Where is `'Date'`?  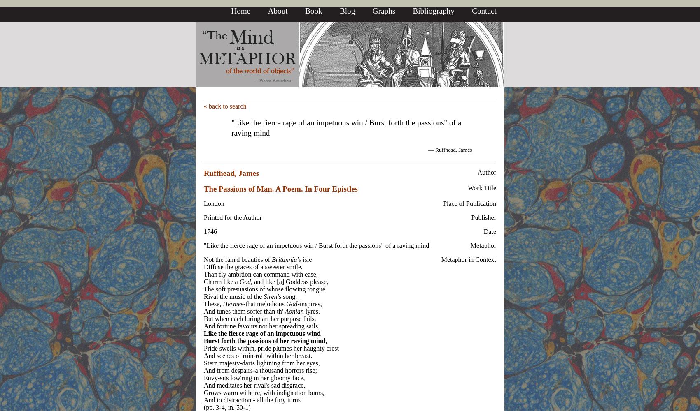
'Date' is located at coordinates (489, 231).